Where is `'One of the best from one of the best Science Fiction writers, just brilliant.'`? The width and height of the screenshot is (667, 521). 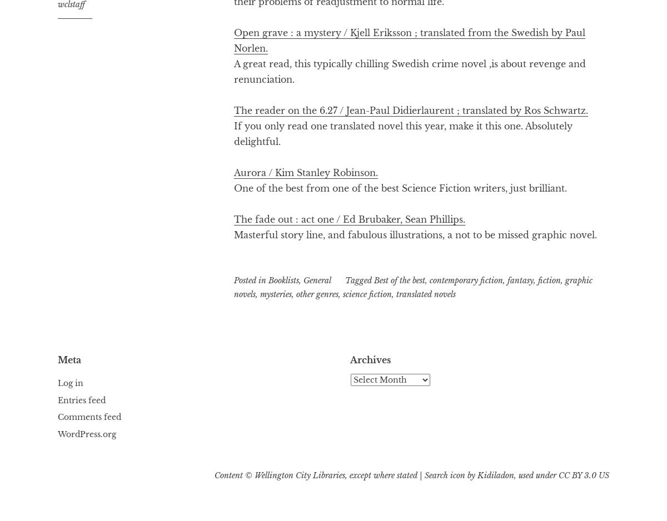 'One of the best from one of the best Science Fiction writers, just brilliant.' is located at coordinates (400, 188).